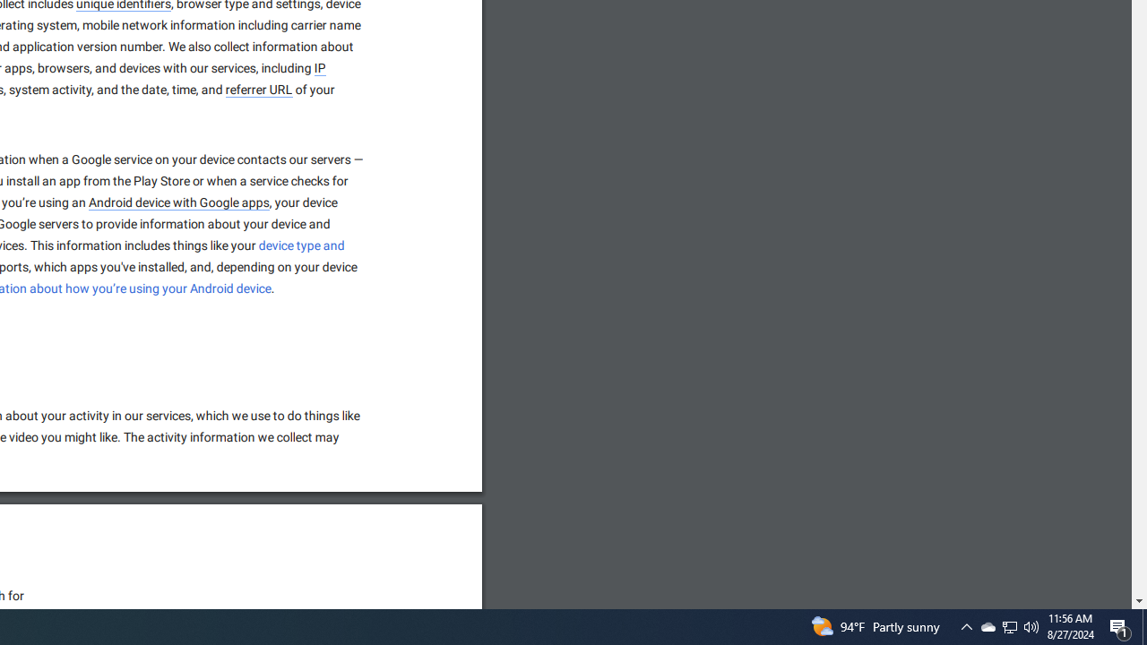 This screenshot has width=1147, height=645. Describe the element at coordinates (302, 245) in the screenshot. I see `'device type and'` at that location.